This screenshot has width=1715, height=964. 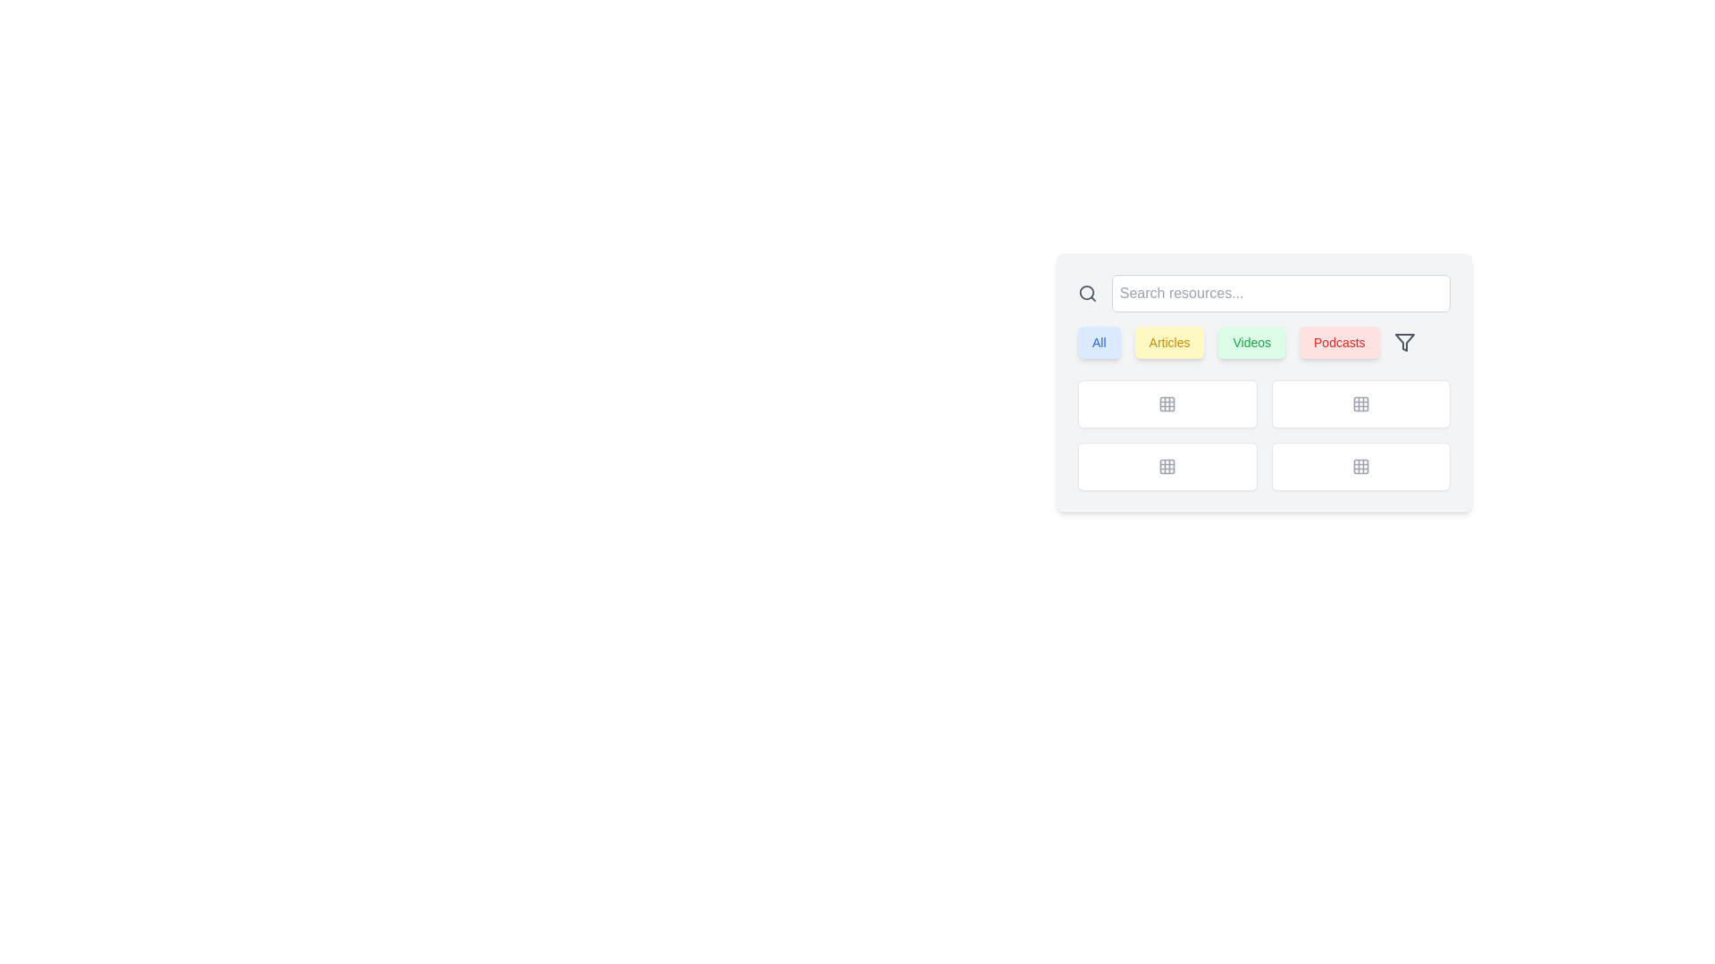 I want to click on to select any entered text in the rectangular search input field with rounded corners and a light border, which contains the placeholder text 'Search resources...', so click(x=1280, y=292).